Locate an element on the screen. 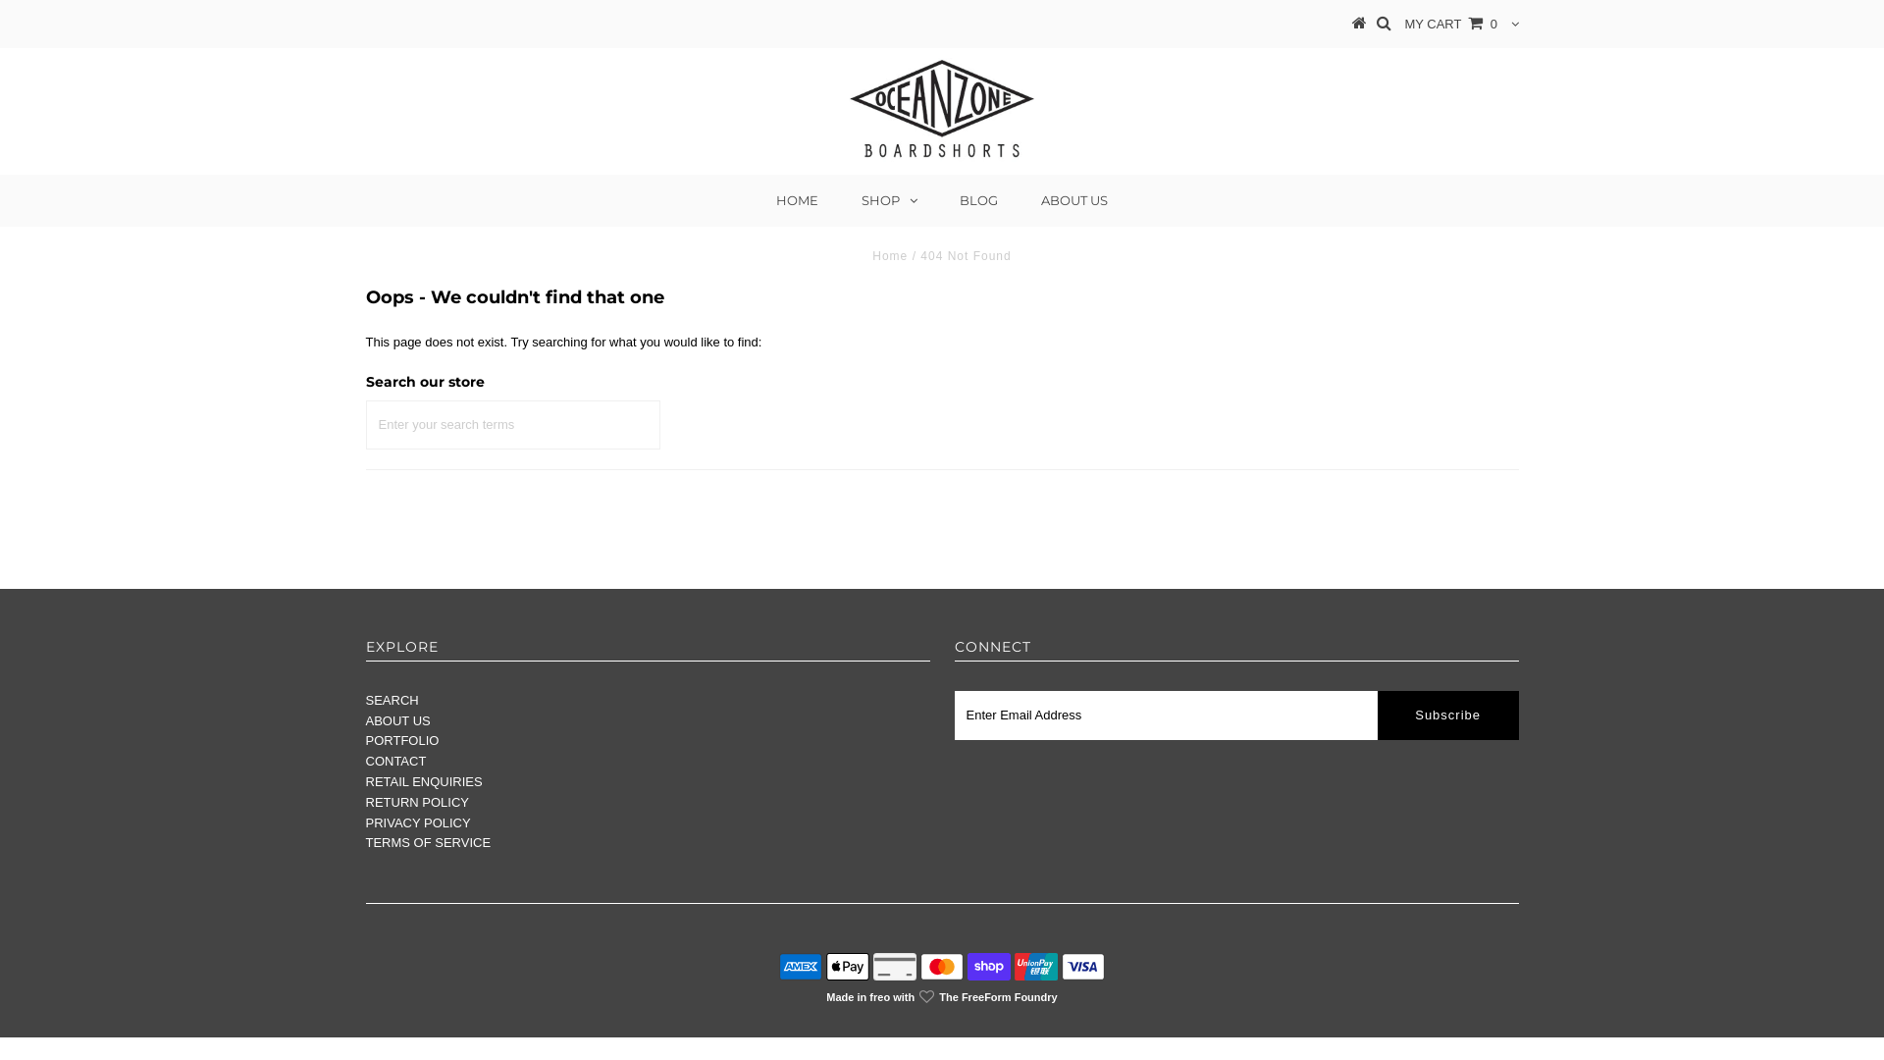 The image size is (1884, 1060). 'Subscribe' is located at coordinates (1376, 715).